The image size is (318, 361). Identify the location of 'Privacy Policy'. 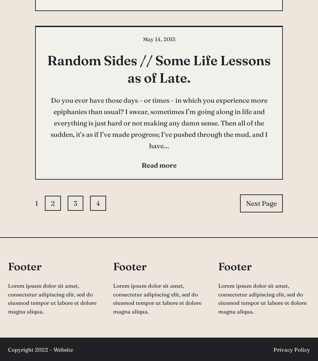
(291, 349).